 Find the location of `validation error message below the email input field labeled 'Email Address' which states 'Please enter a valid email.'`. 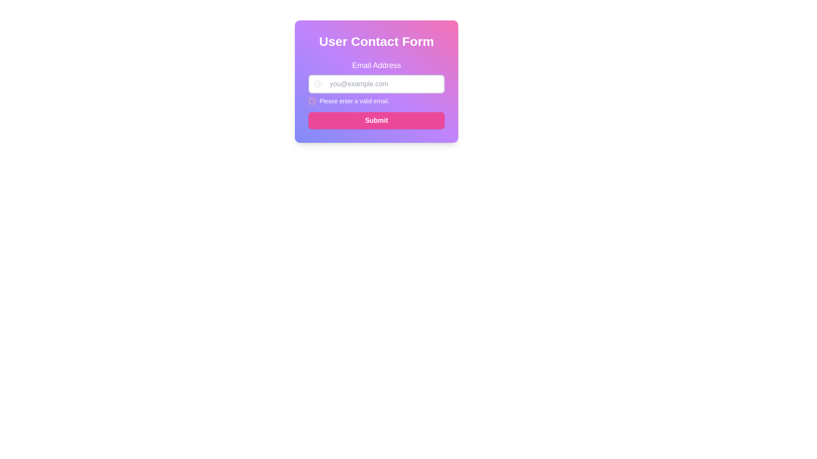

validation error message below the email input field labeled 'Email Address' which states 'Please enter a valid email.' is located at coordinates (376, 82).